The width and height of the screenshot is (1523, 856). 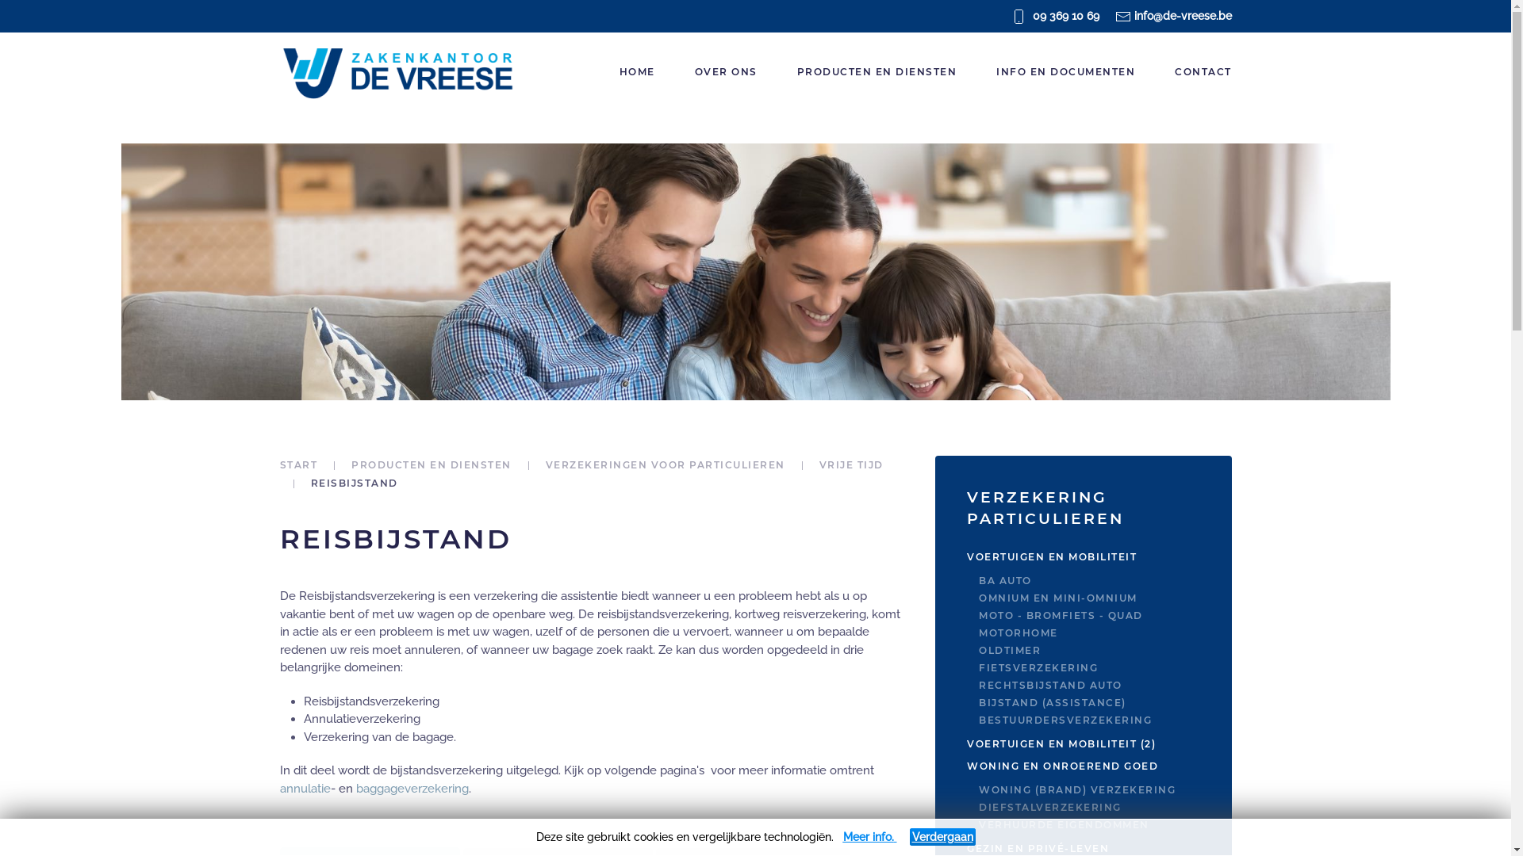 What do you see at coordinates (1082, 766) in the screenshot?
I see `'WONING EN ONROEREND GOED'` at bounding box center [1082, 766].